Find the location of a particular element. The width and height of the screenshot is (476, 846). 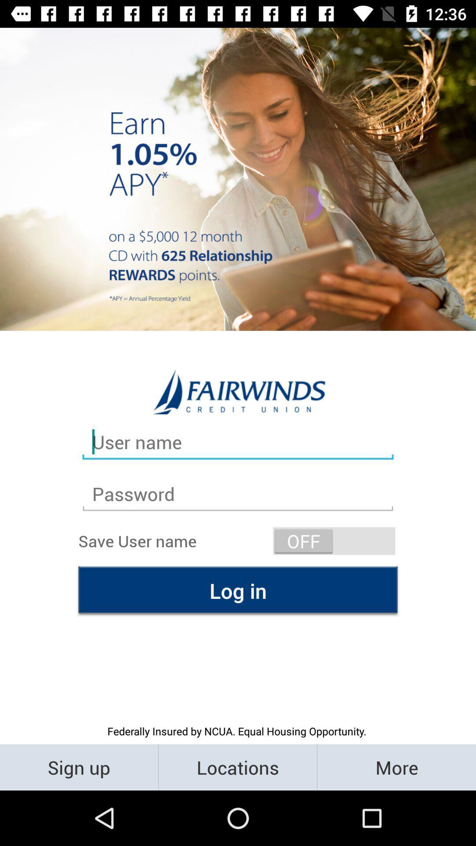

the item below the federally insured by icon is located at coordinates (237, 767).